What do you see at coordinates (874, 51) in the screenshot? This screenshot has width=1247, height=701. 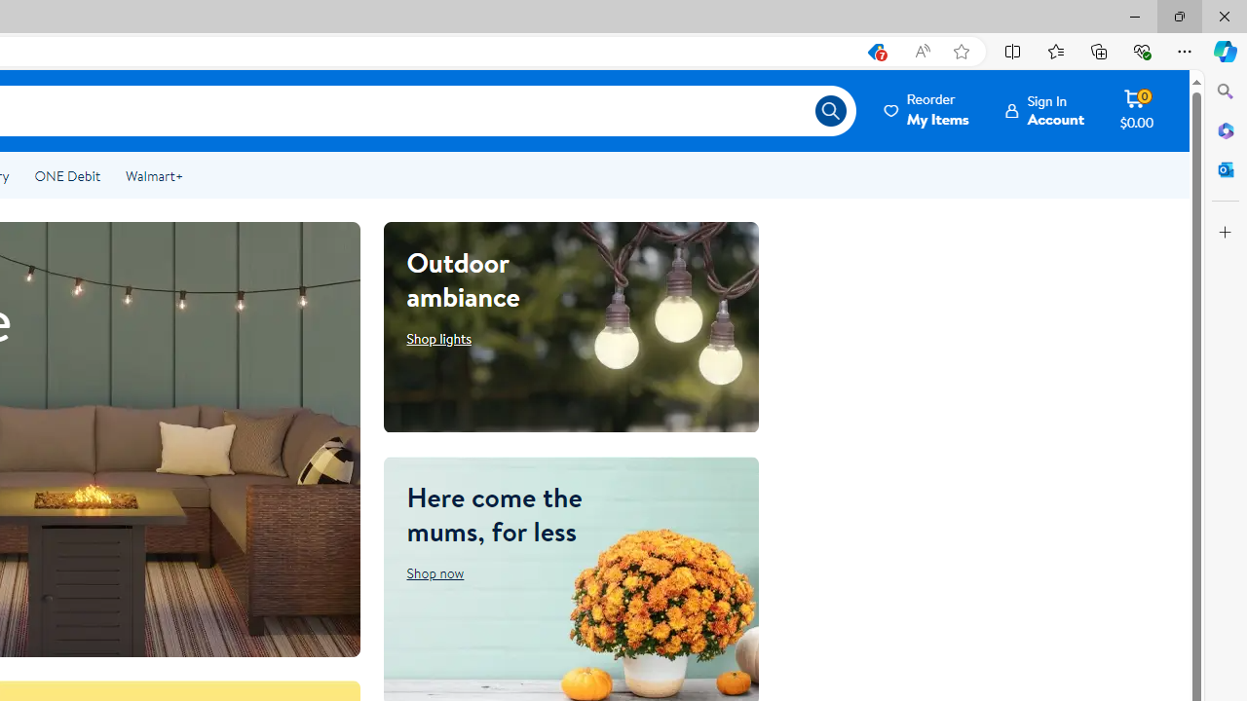 I see `'This site has coupons! Shopping in Microsoft Edge, 7'` at bounding box center [874, 51].